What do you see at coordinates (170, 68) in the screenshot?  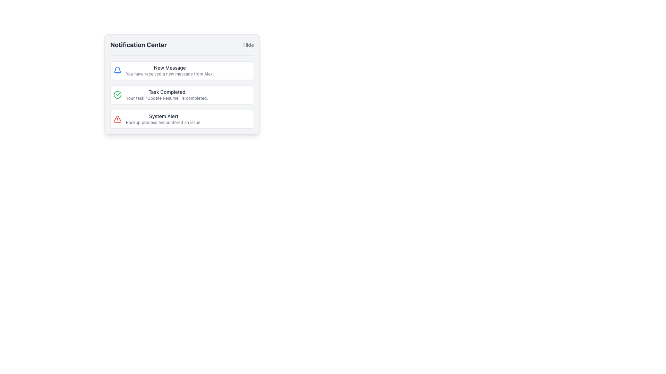 I see `the bold 'New Message' text in the first notification card, which is styled in dark gray and is the primary label in the notification card` at bounding box center [170, 68].